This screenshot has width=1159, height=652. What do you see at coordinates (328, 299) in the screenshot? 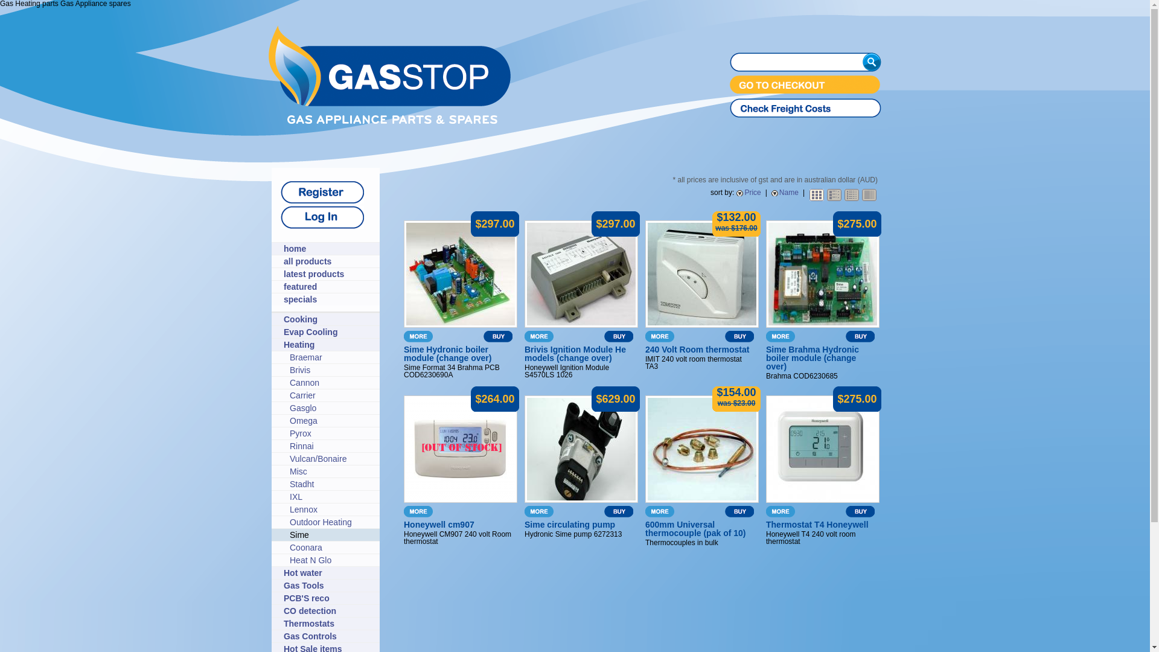
I see `'specials'` at bounding box center [328, 299].